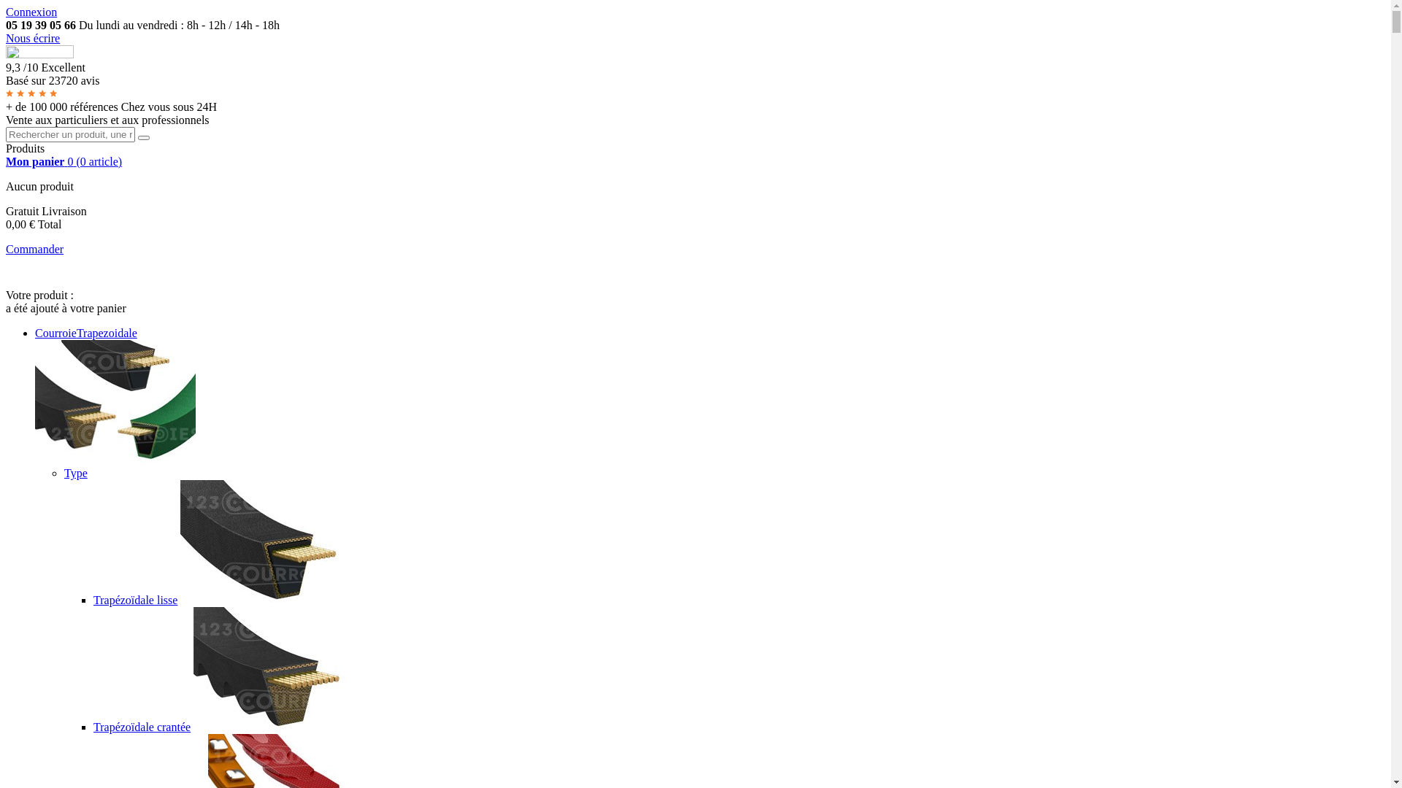 This screenshot has height=788, width=1402. Describe the element at coordinates (31, 12) in the screenshot. I see `'Connexion'` at that location.